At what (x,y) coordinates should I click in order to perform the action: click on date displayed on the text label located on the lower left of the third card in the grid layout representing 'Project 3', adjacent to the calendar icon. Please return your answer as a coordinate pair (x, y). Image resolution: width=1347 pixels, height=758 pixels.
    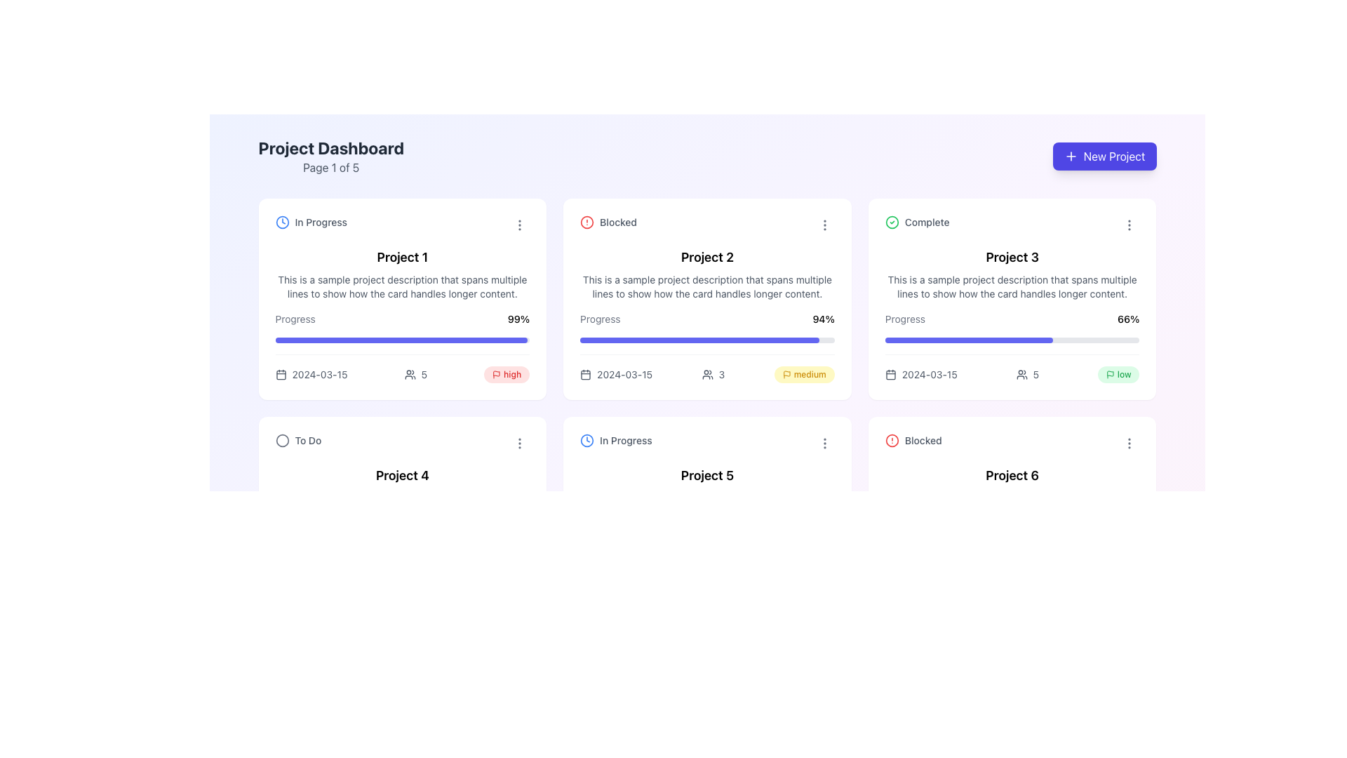
    Looking at the image, I should click on (930, 373).